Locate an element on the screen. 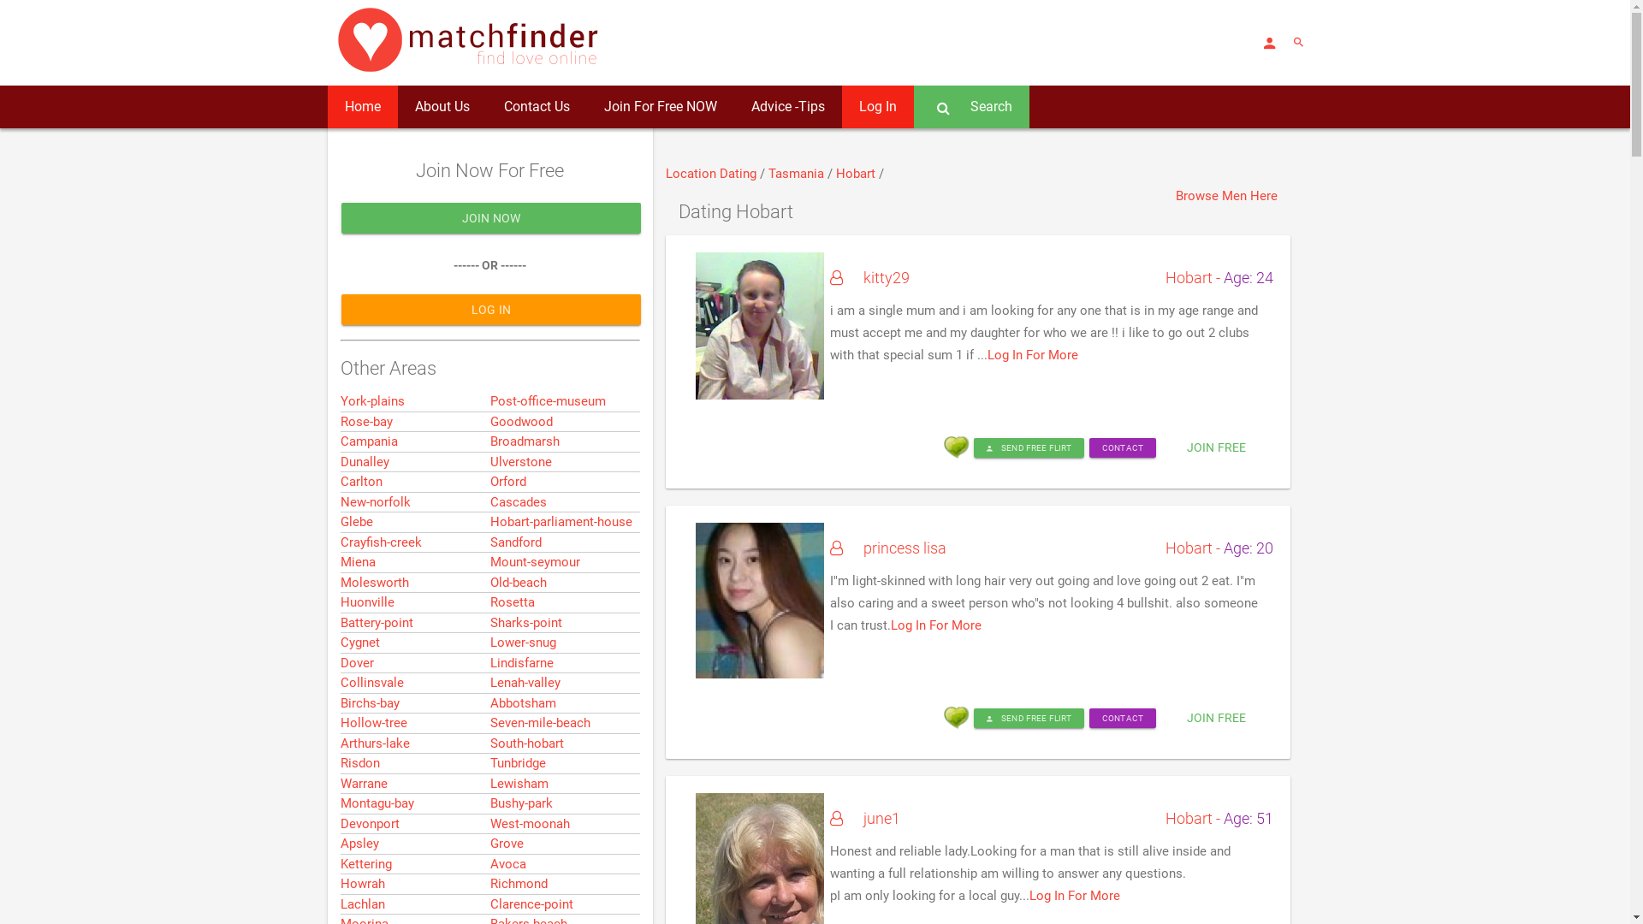 This screenshot has width=1643, height=924. 'Browse Men Here' is located at coordinates (1225, 194).